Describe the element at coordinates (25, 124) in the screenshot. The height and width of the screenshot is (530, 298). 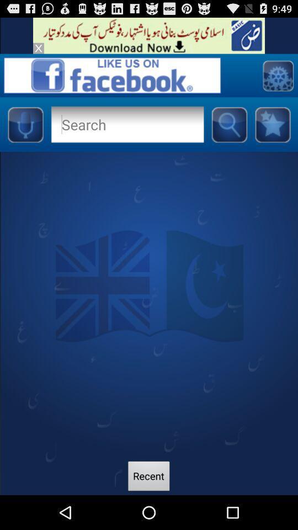
I see `use sound to search` at that location.